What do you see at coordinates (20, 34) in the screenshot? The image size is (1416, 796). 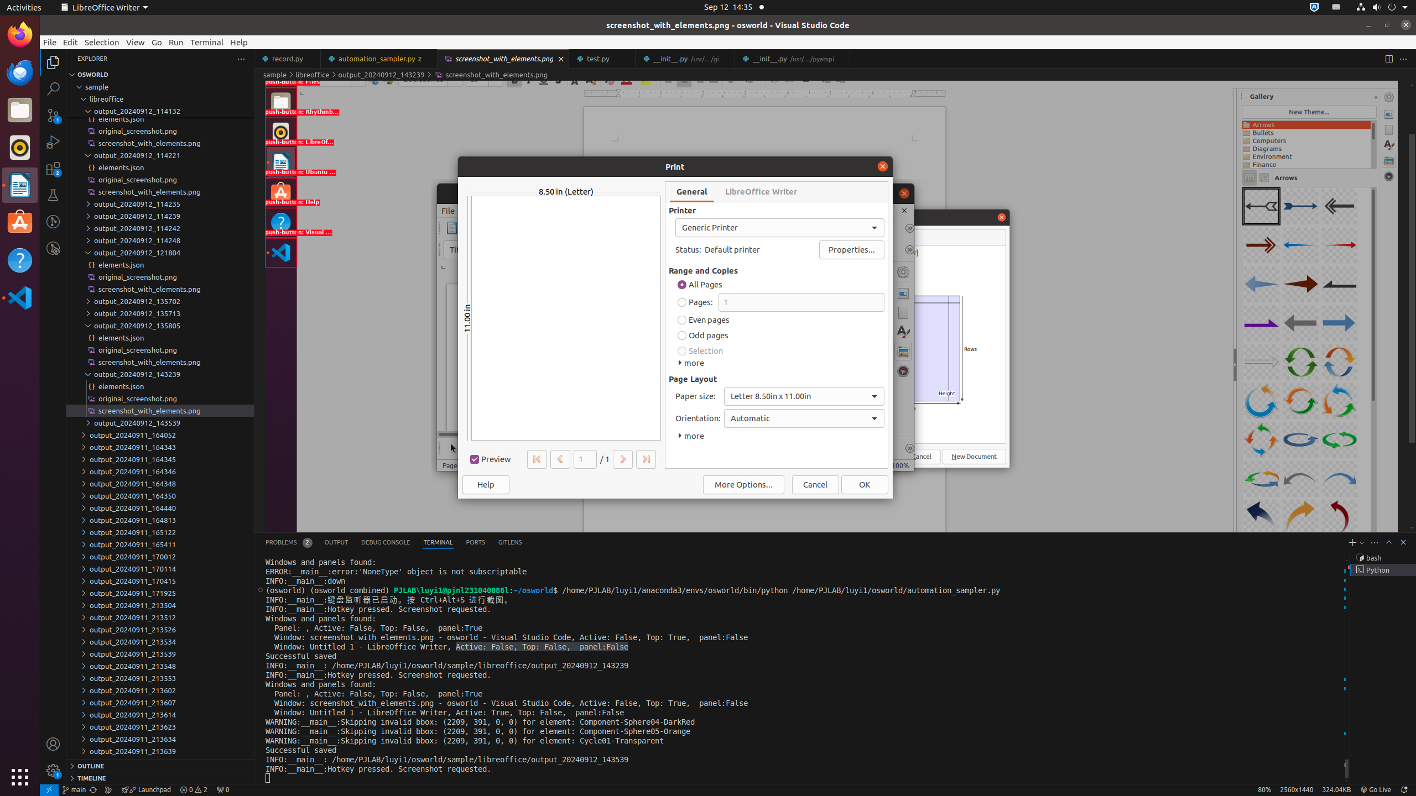 I see `'Firefox Web Browser'` at bounding box center [20, 34].